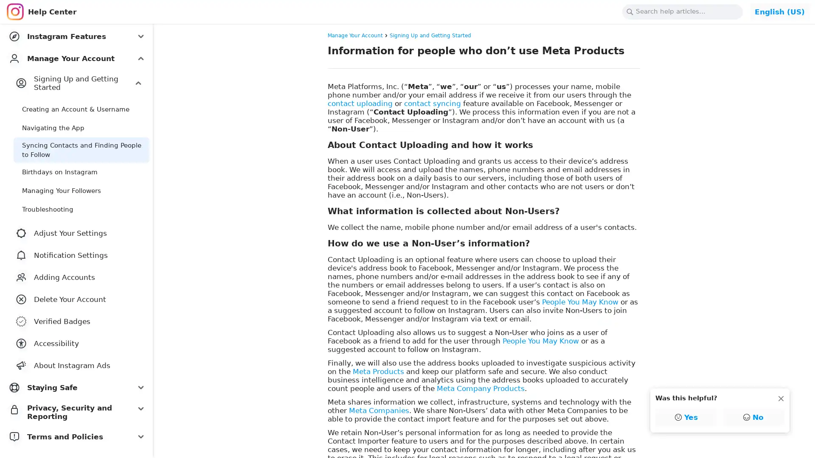  I want to click on Change Language: English (US), so click(780, 11).